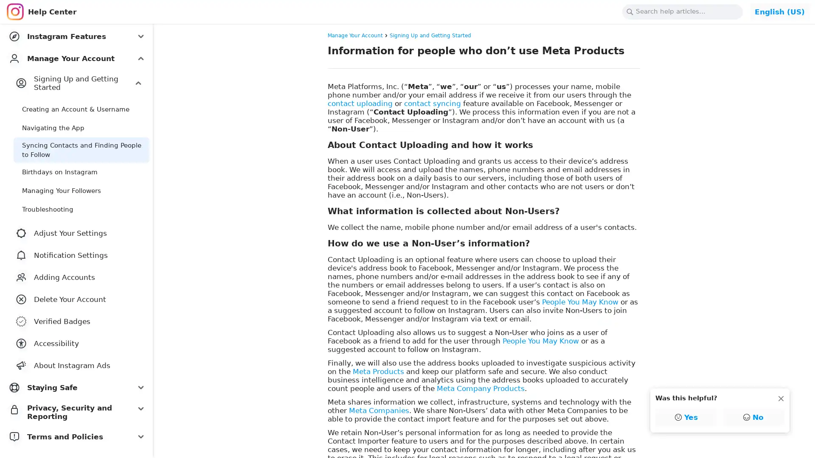  I want to click on Change Language: English (US), so click(780, 11).